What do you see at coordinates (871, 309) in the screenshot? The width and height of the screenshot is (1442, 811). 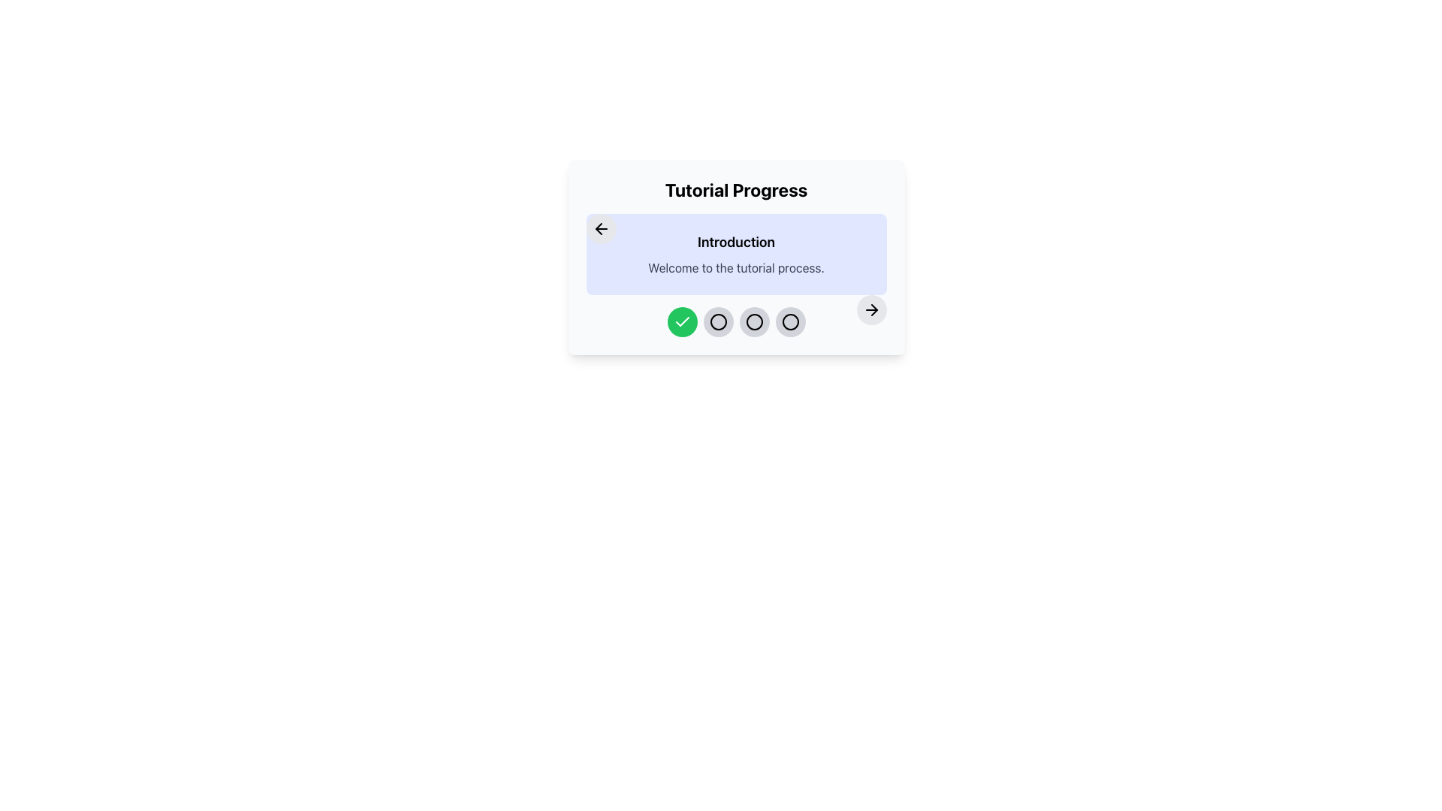 I see `the 'next' navigation button located at the far right inside the 'Tutorial Progress' section` at bounding box center [871, 309].